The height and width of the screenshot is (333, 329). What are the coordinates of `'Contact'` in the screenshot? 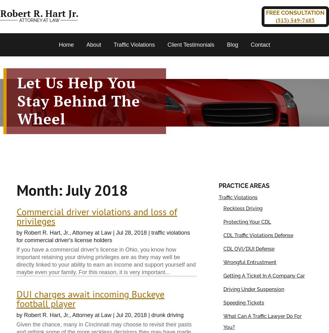 It's located at (260, 44).